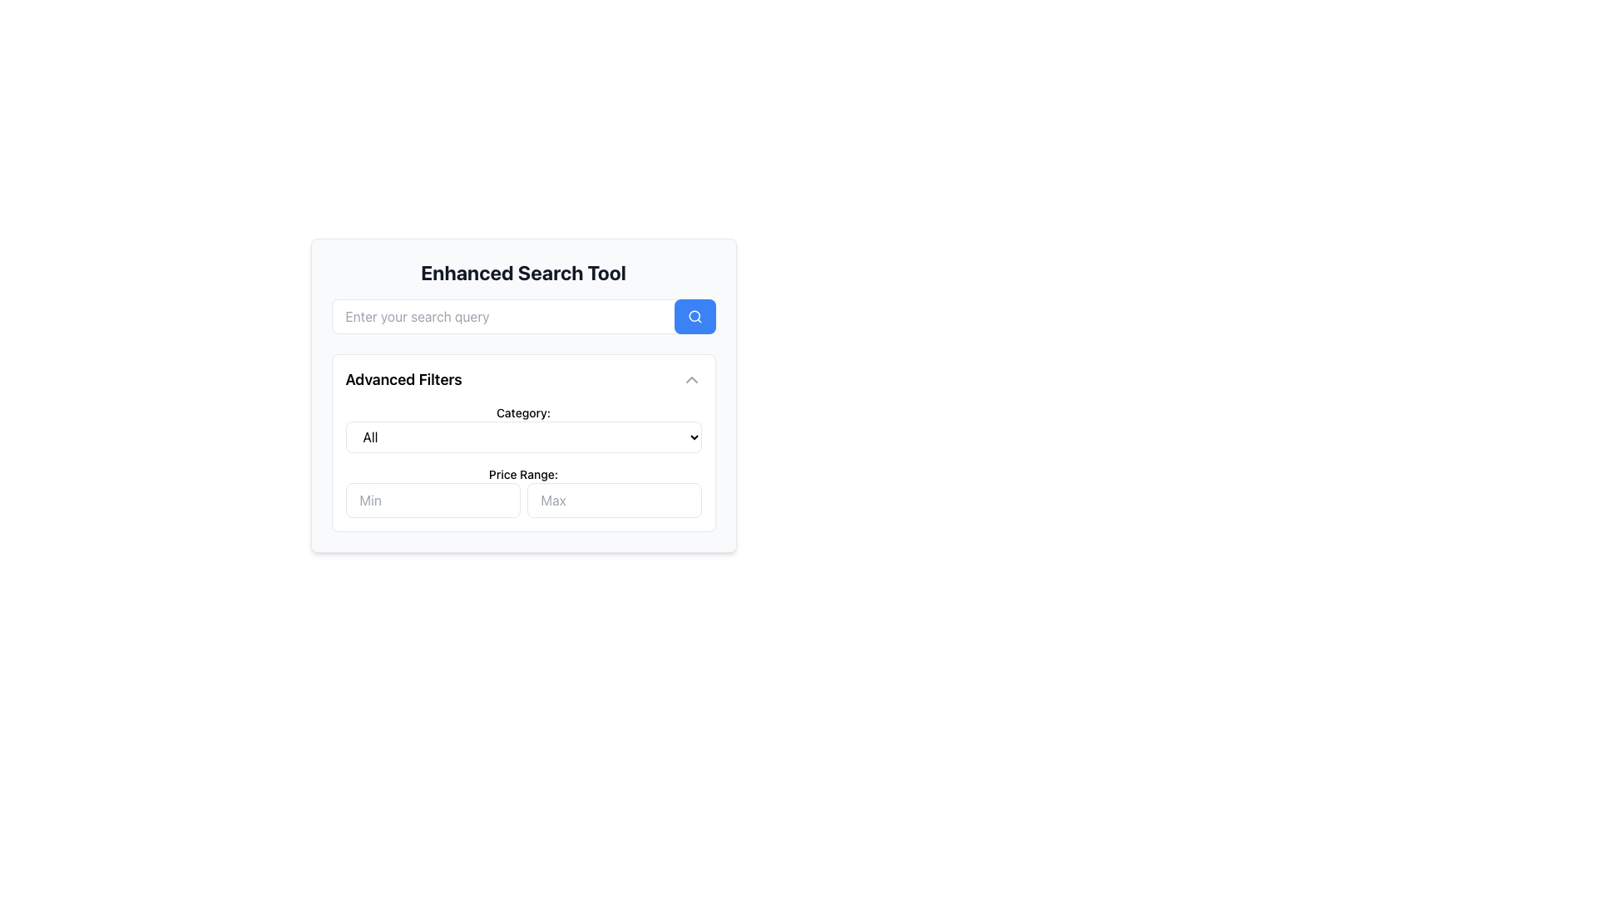 This screenshot has height=898, width=1597. Describe the element at coordinates (694, 316) in the screenshot. I see `the visual indicator within the search icon button located to the right of the 'Enter your search query' input field` at that location.